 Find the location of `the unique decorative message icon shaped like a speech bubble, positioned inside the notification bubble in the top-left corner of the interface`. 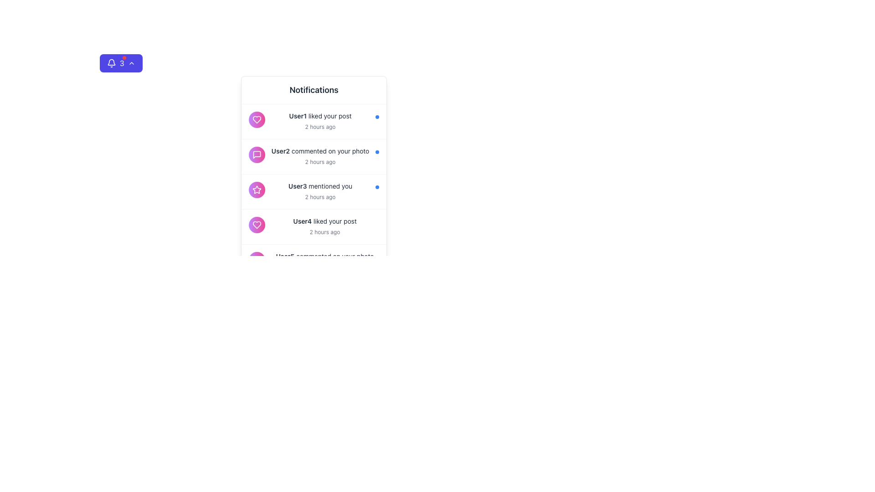

the unique decorative message icon shaped like a speech bubble, positioned inside the notification bubble in the top-left corner of the interface is located at coordinates (257, 154).